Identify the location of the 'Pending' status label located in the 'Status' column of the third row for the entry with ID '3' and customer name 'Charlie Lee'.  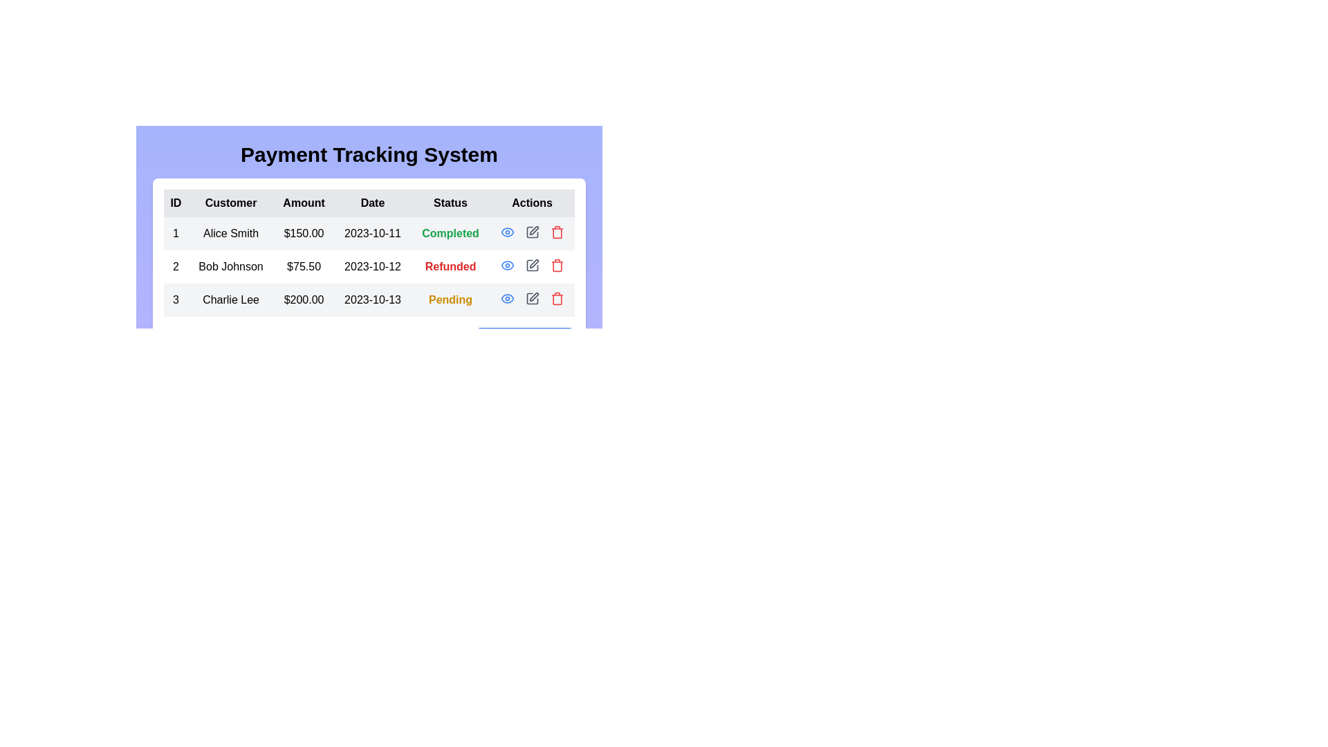
(450, 299).